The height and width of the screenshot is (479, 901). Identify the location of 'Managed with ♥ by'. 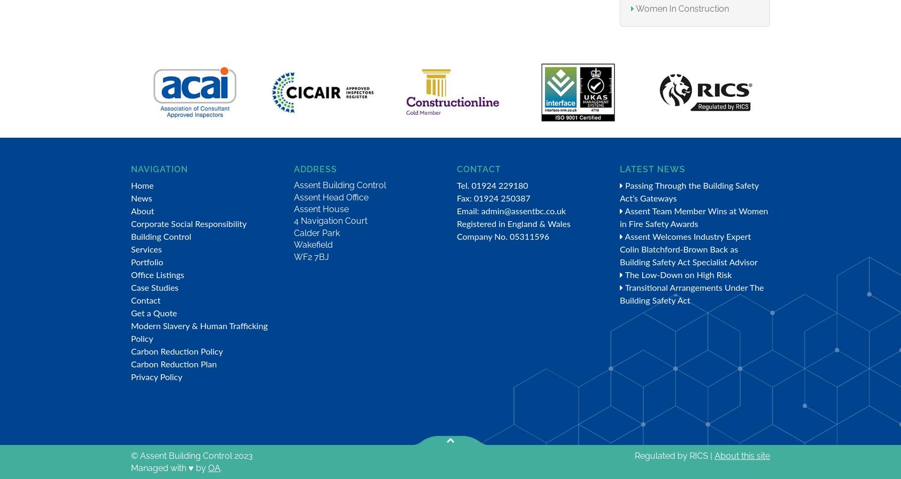
(168, 467).